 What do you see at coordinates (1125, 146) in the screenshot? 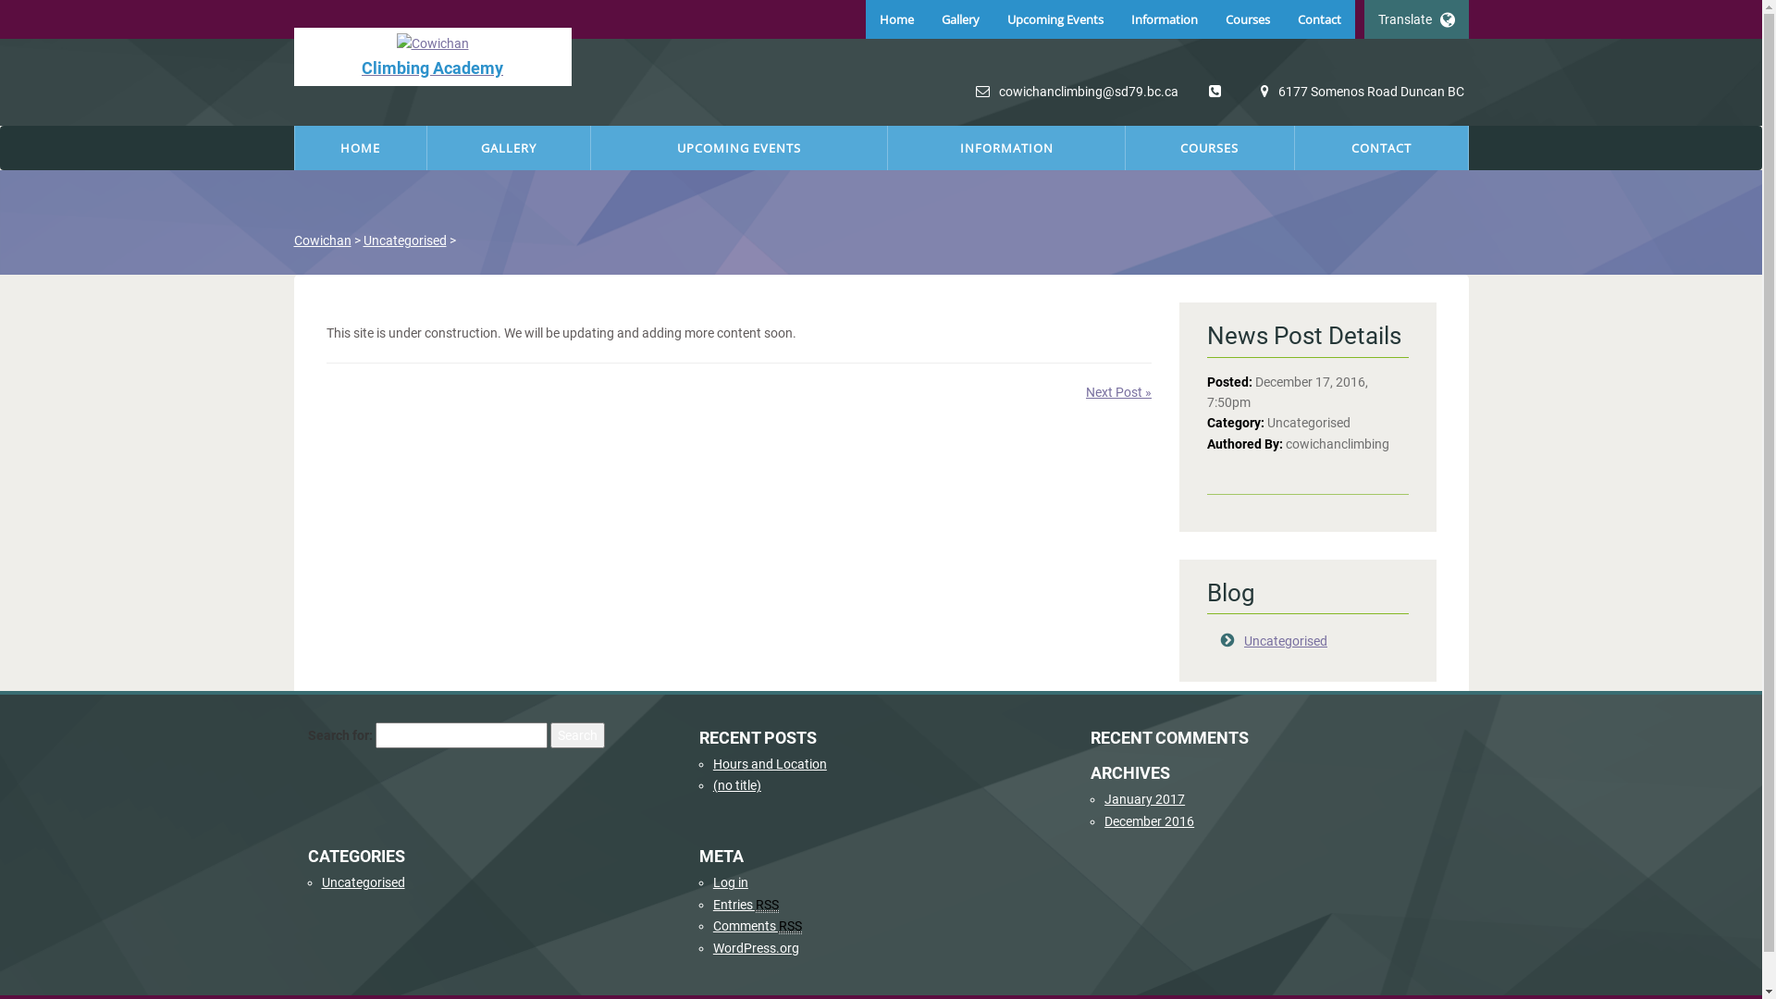
I see `'COURSES'` at bounding box center [1125, 146].